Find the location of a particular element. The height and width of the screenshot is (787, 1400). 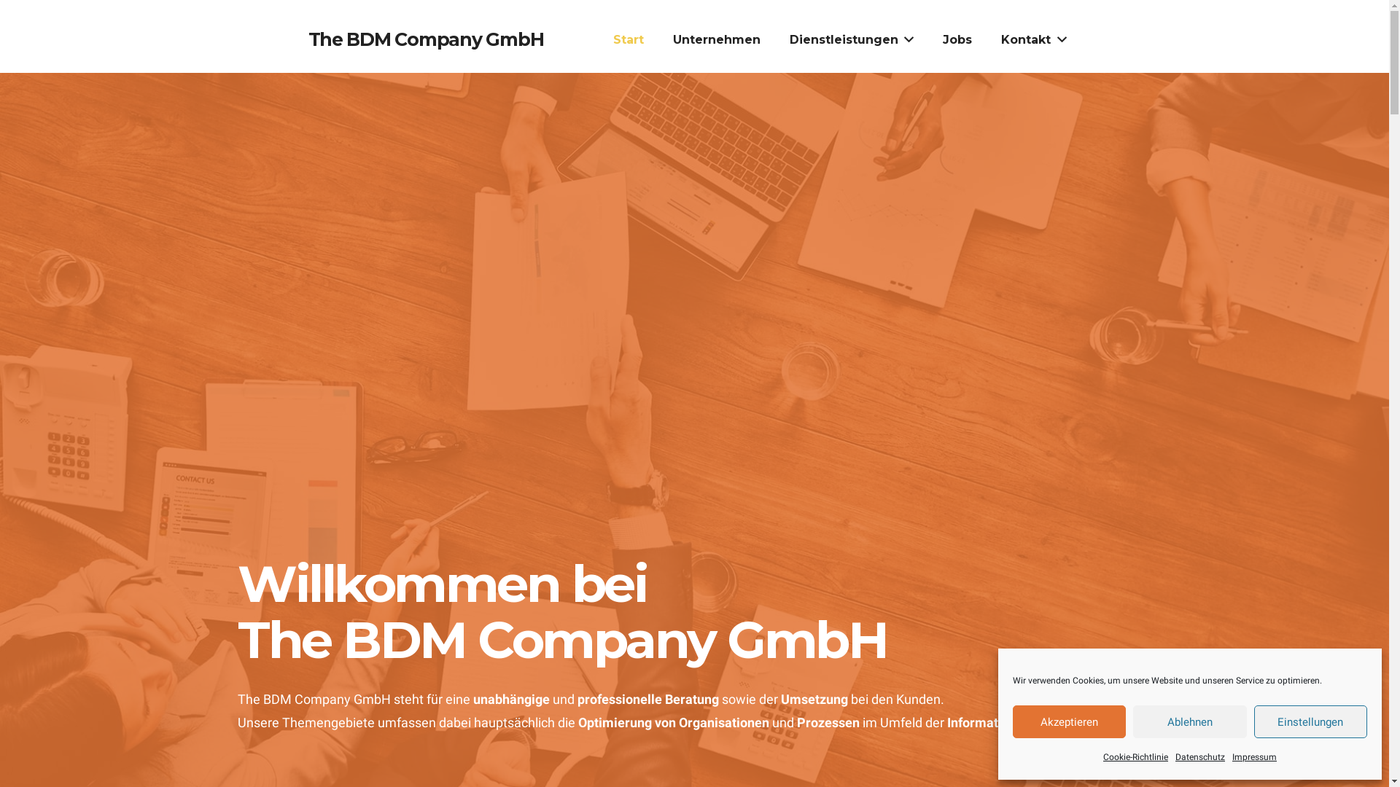

'Start' is located at coordinates (629, 39).